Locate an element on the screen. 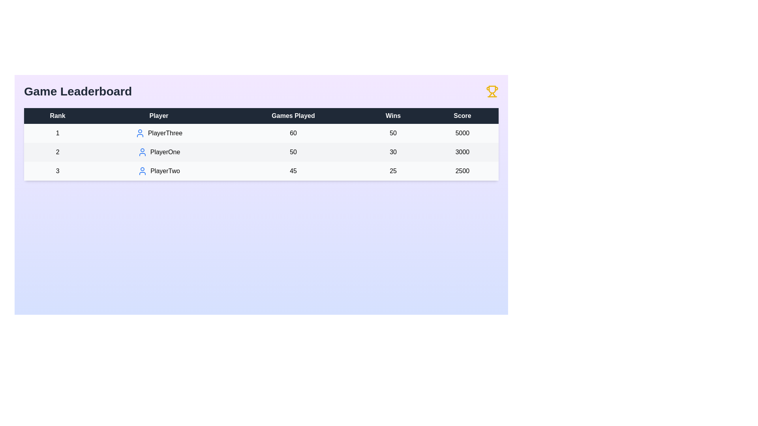 The image size is (758, 426). the third row of the leaderboard table displaying statistics for 'PlayerTwo', which includes their rank, games played, wins, and score is located at coordinates (261, 171).